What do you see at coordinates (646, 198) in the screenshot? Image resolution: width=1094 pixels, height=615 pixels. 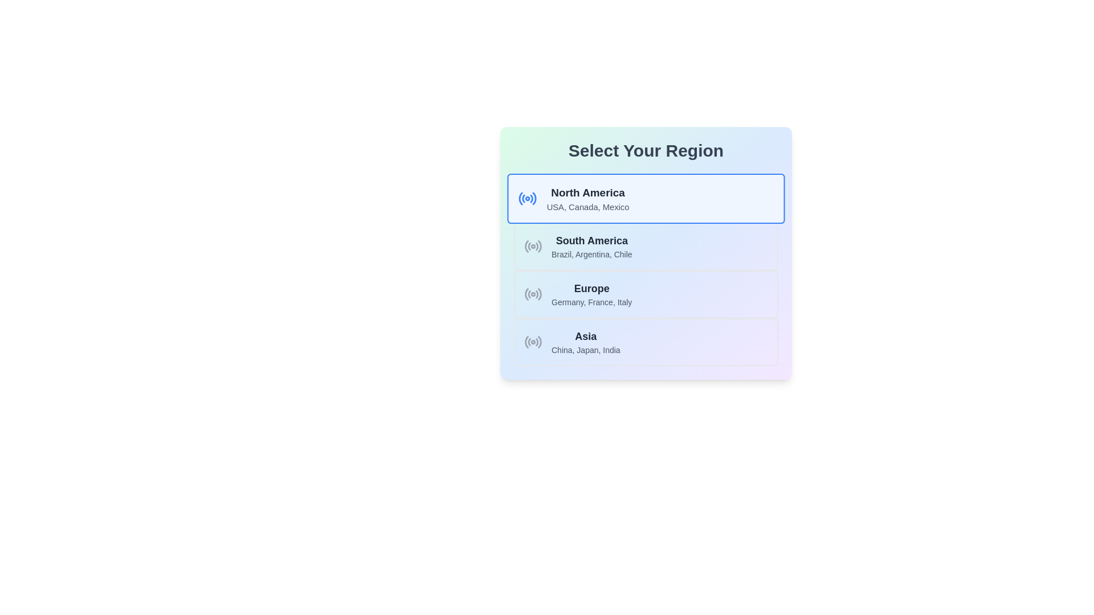 I see `the 'North America' selectable list item with an interactive button-like appearance` at bounding box center [646, 198].